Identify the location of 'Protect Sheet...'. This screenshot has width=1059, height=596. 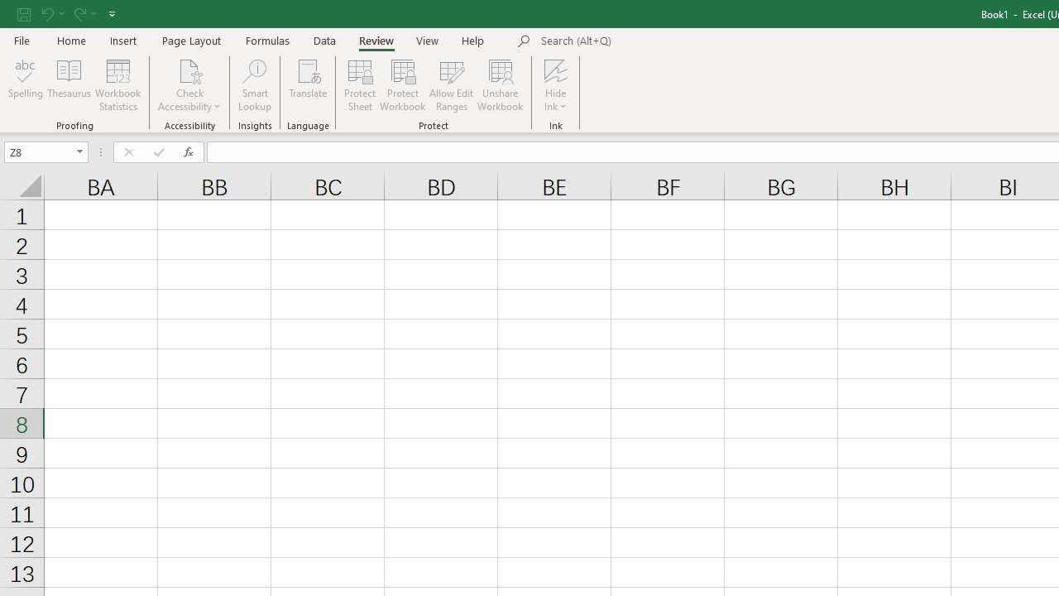
(359, 85).